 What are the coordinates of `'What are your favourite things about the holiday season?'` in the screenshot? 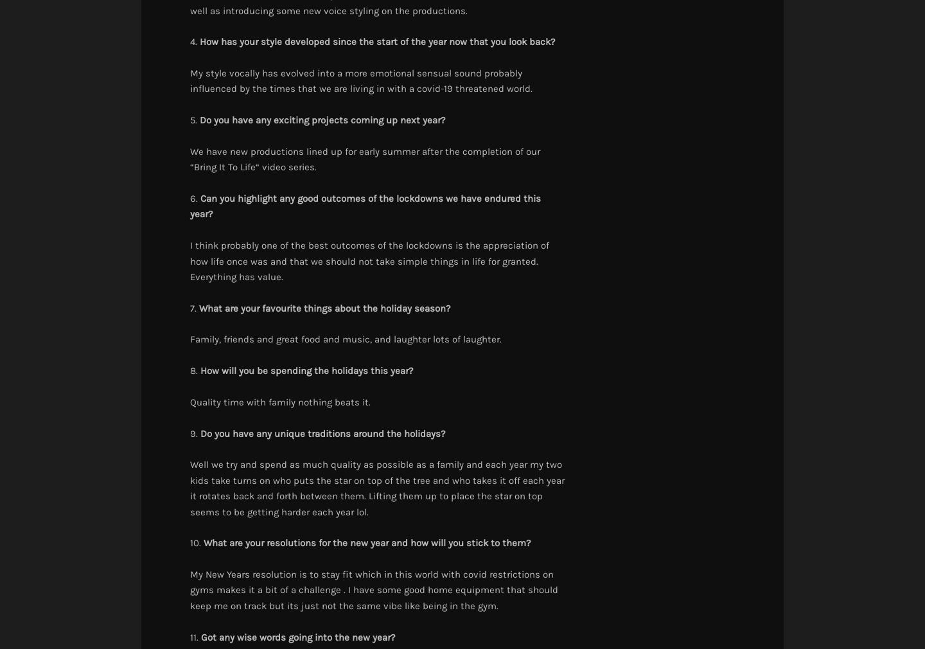 It's located at (199, 308).